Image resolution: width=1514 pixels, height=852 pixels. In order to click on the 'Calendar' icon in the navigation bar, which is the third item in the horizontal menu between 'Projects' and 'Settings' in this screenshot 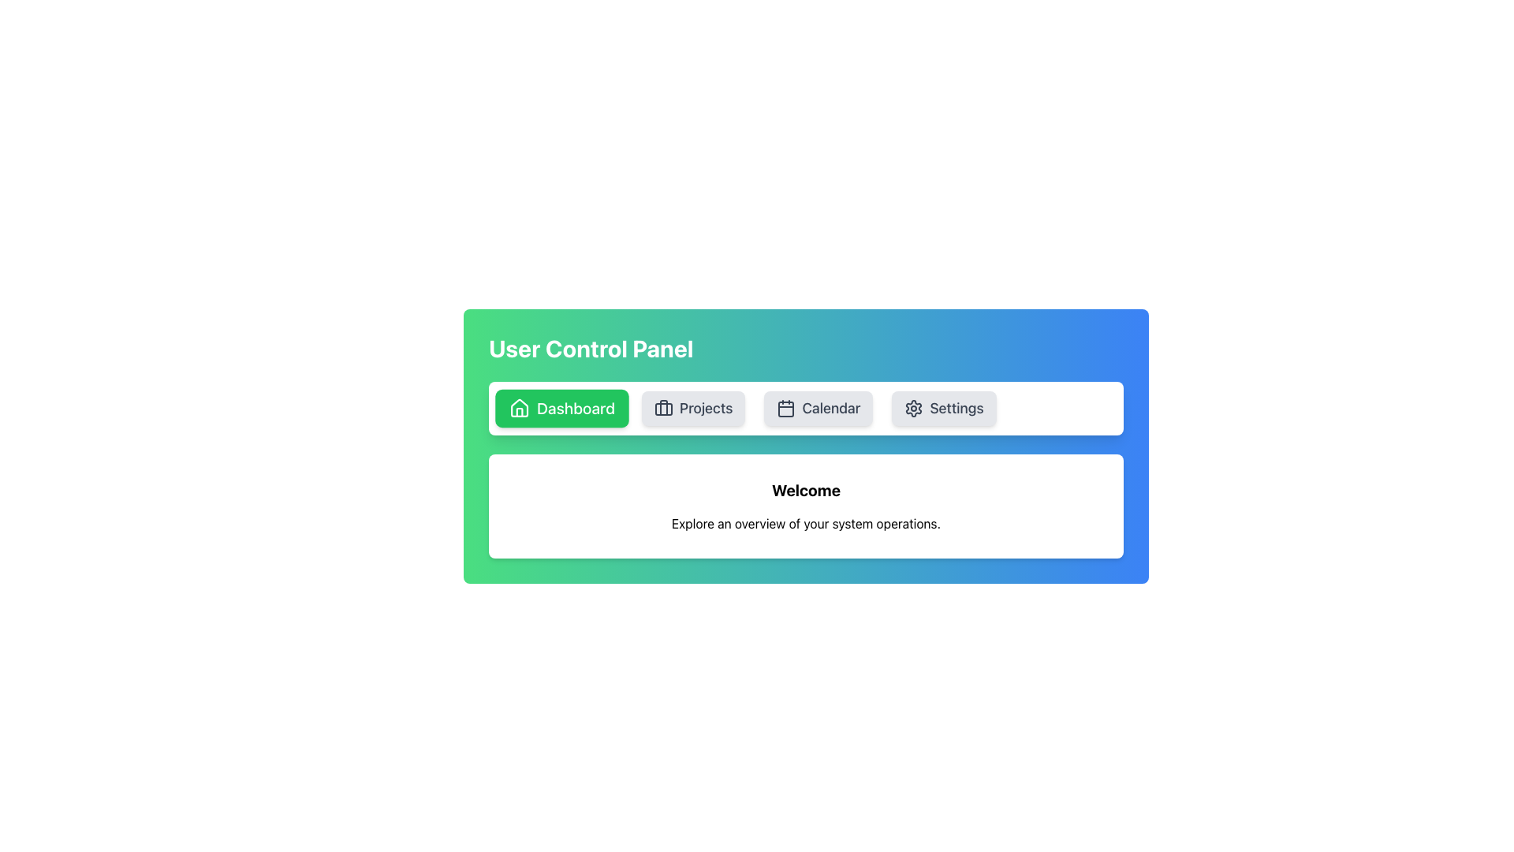, I will do `click(786, 407)`.